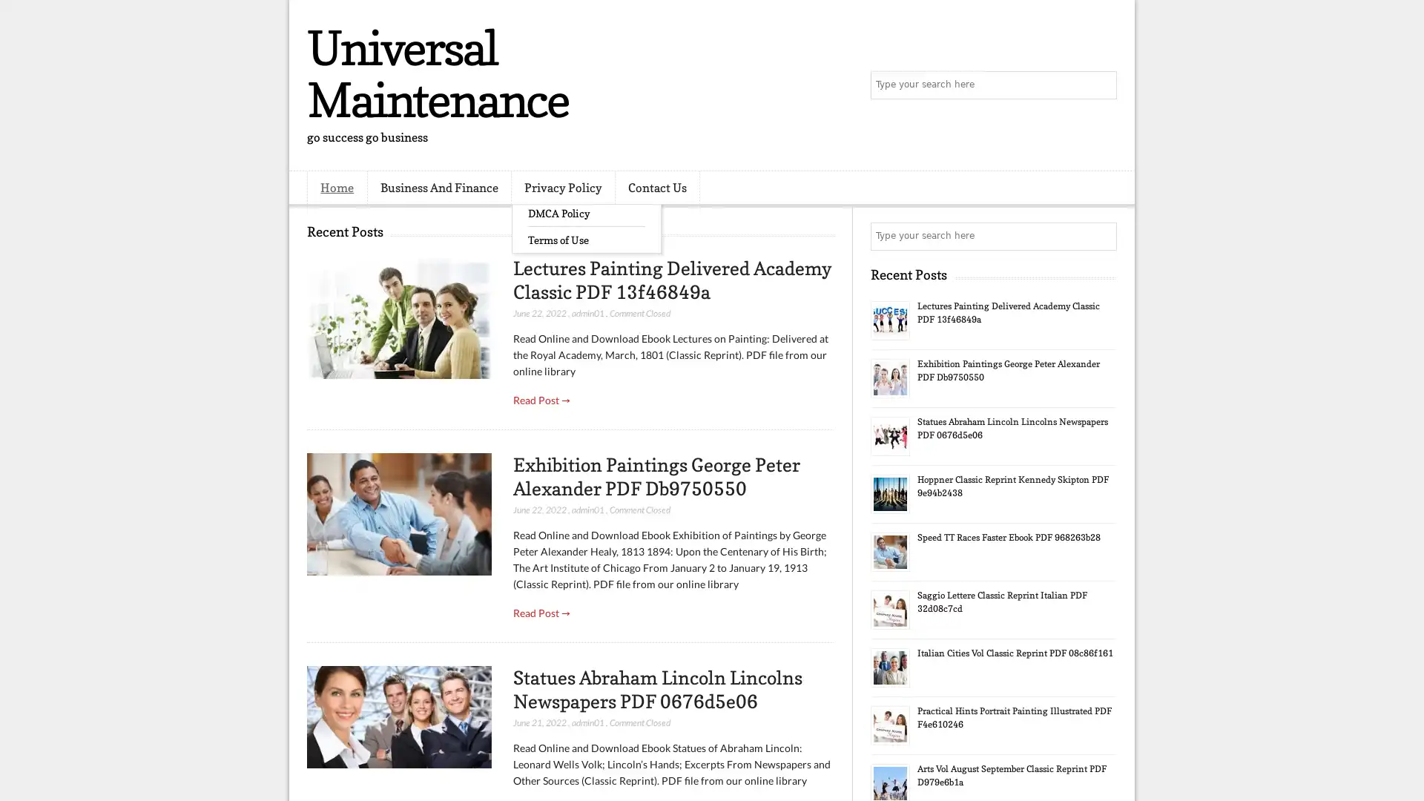  Describe the element at coordinates (1101, 236) in the screenshot. I see `Search` at that location.